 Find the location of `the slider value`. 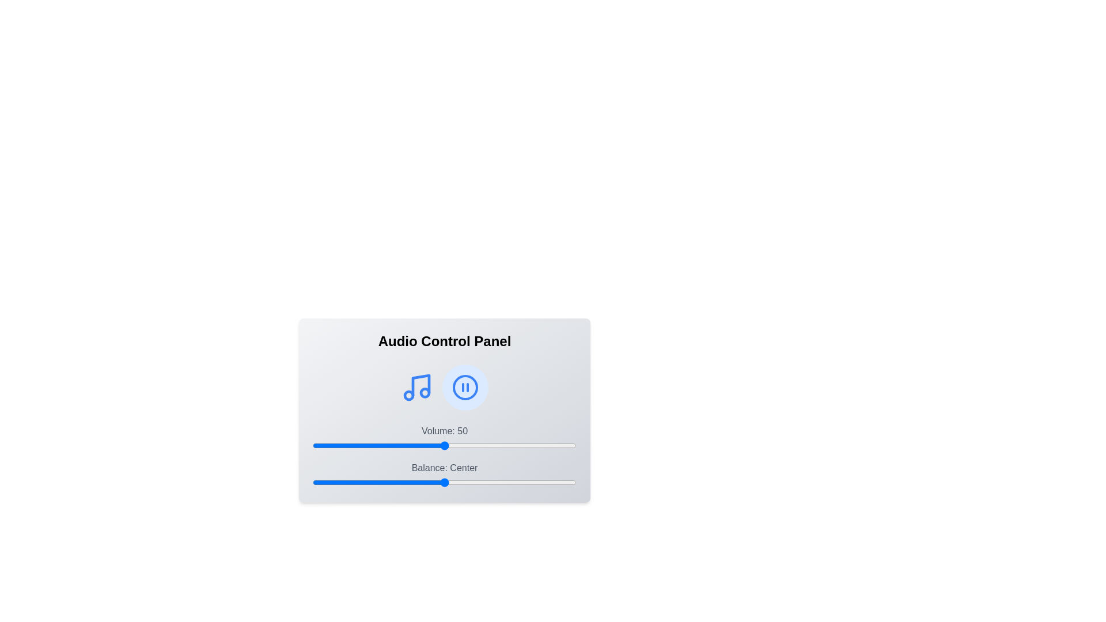

the slider value is located at coordinates (558, 445).